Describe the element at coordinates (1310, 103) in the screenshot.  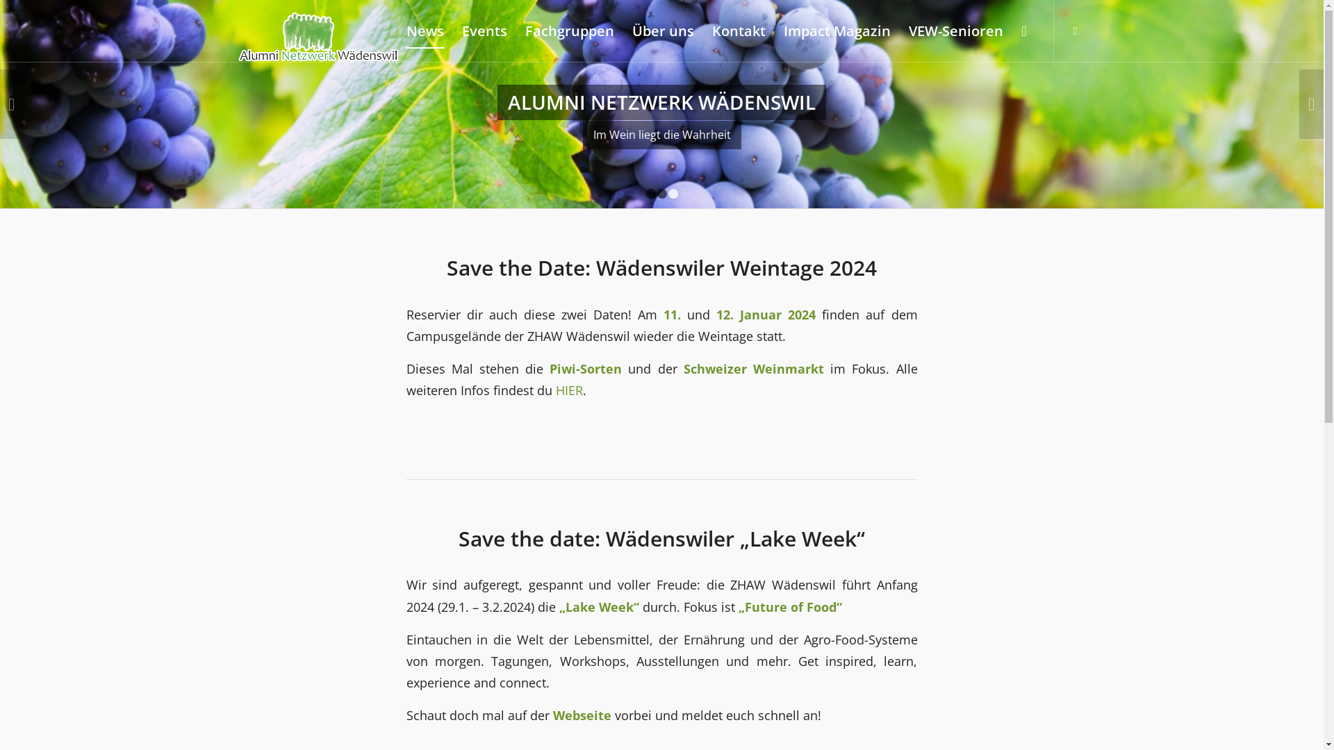
I see `'Weiter'` at that location.